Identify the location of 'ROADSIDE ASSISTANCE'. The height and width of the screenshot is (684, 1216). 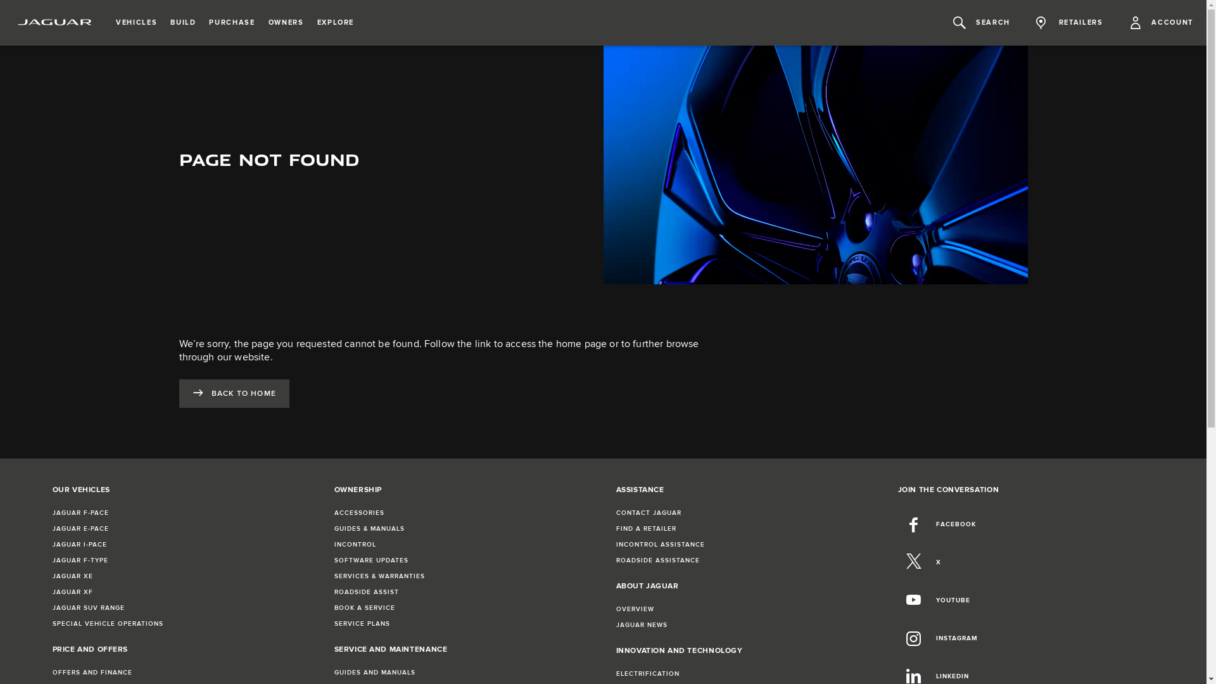
(657, 559).